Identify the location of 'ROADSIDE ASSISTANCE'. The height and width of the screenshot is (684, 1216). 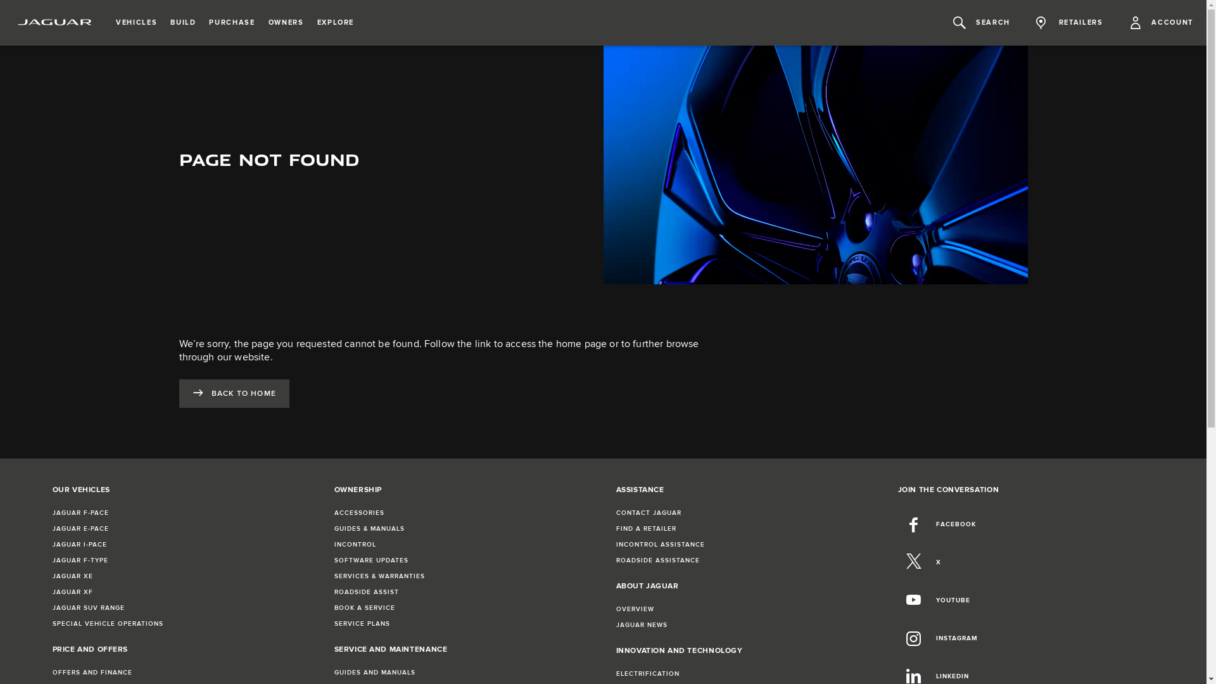
(657, 559).